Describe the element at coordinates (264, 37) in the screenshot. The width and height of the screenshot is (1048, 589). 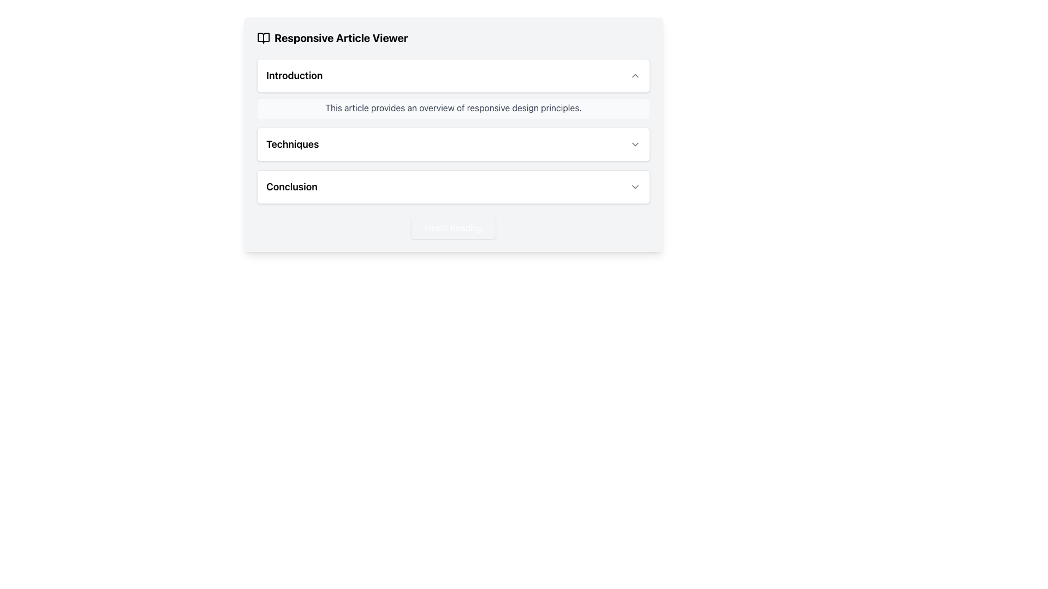
I see `the SVG icon of a book with open pages, which is positioned to the left of the title 'Responsive Article Viewer'` at that location.